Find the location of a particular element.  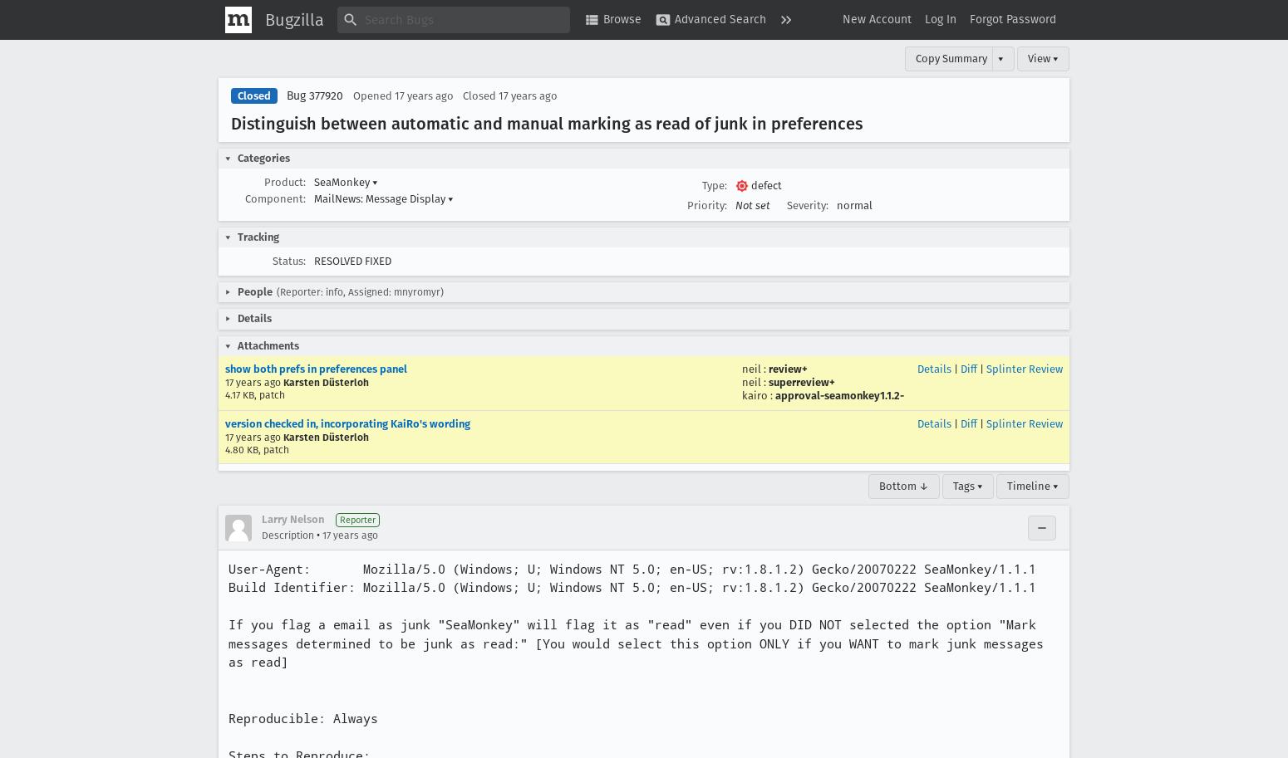

'Larry Nelson' is located at coordinates (292, 518).